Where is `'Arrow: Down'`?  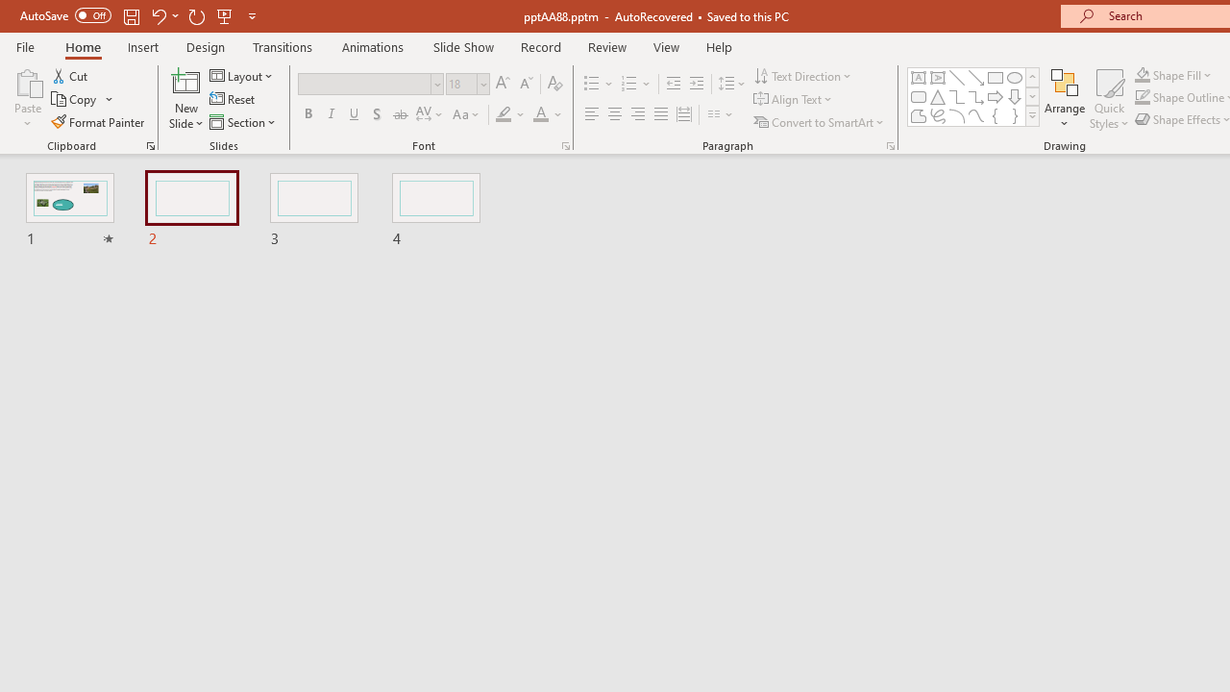
'Arrow: Down' is located at coordinates (1014, 96).